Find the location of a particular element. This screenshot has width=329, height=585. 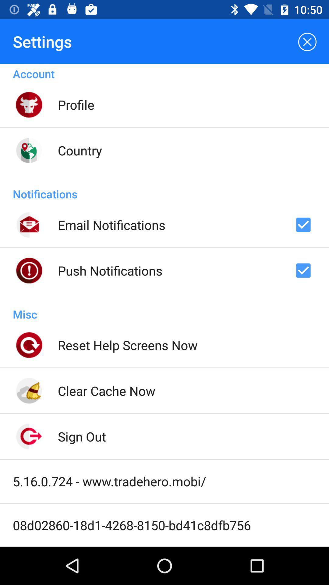

icon above the 5 16 0 icon is located at coordinates (81, 436).